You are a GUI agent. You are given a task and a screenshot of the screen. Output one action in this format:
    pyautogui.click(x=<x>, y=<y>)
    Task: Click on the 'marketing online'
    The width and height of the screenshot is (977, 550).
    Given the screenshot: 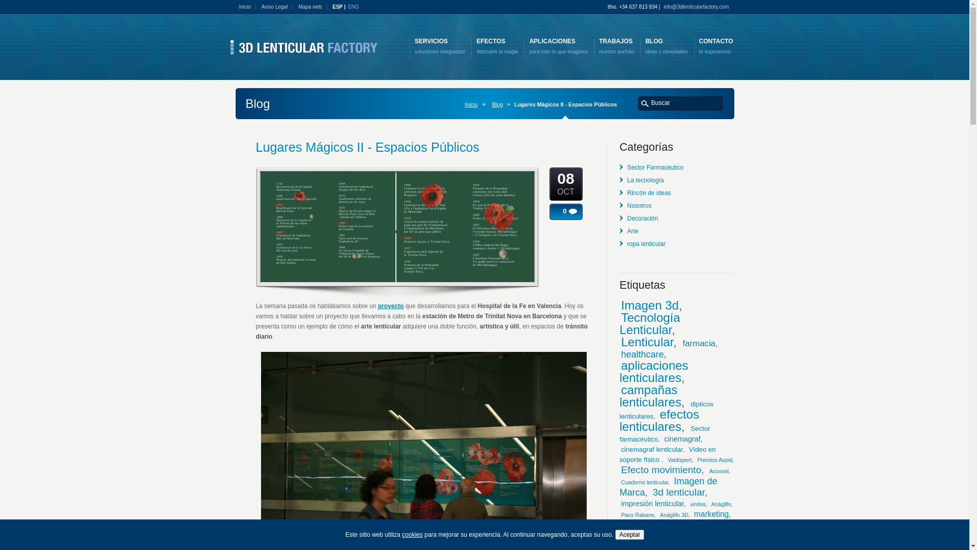 What is the action you would take?
    pyautogui.click(x=688, y=536)
    